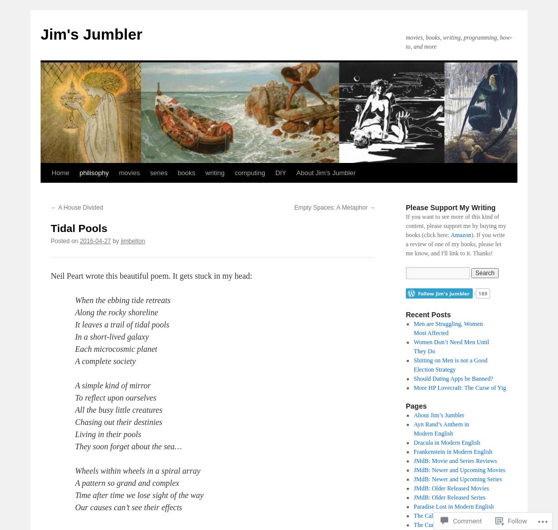  I want to click on 'Along the rocky shoreline', so click(74, 312).